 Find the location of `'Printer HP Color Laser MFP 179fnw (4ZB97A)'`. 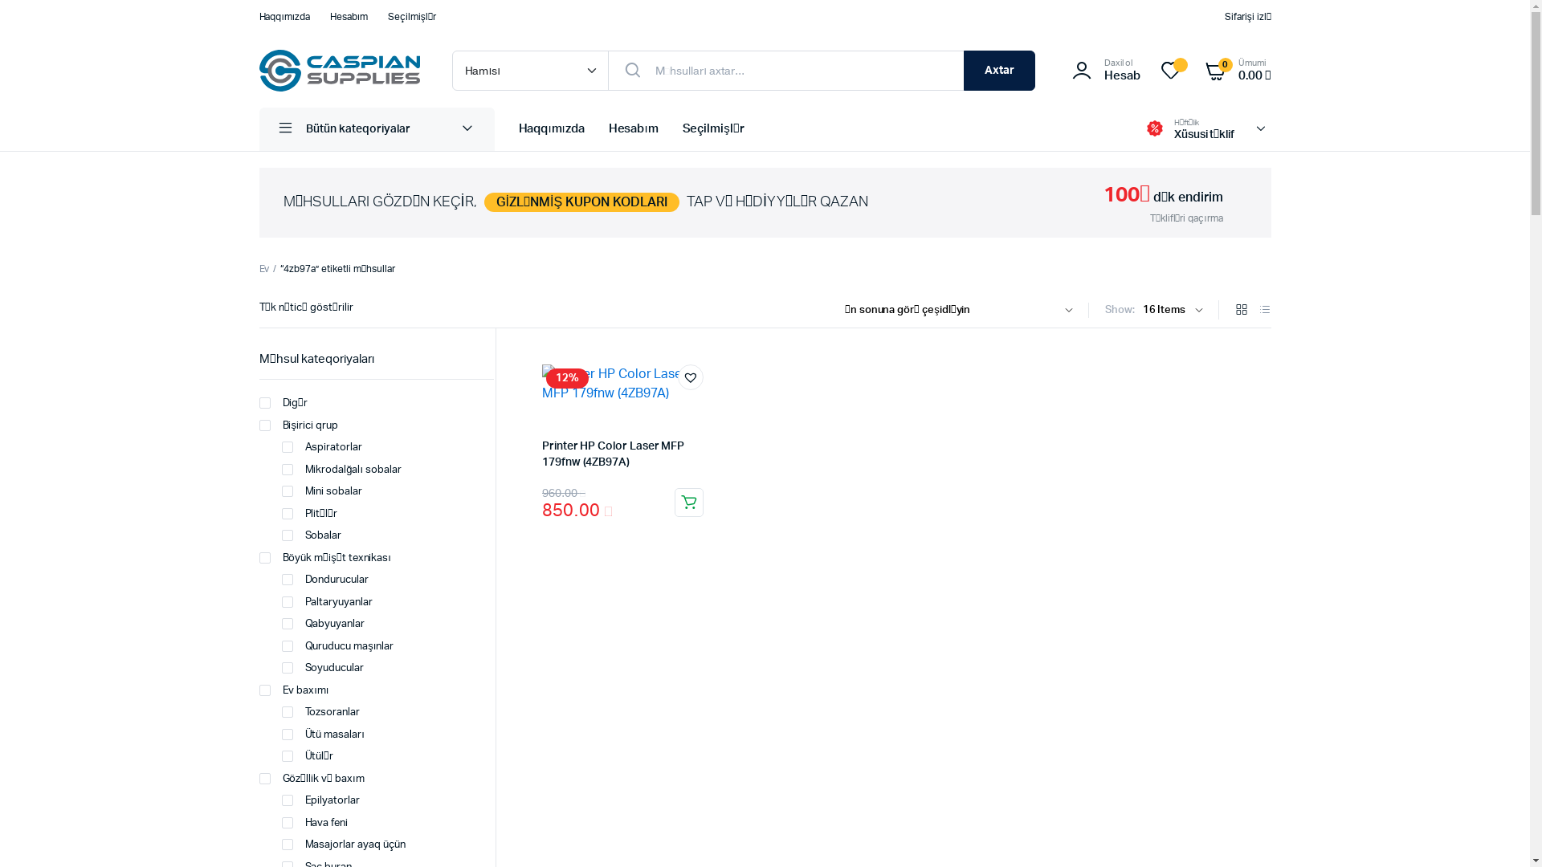

'Printer HP Color Laser MFP 179fnw (4ZB97A)' is located at coordinates (612, 454).